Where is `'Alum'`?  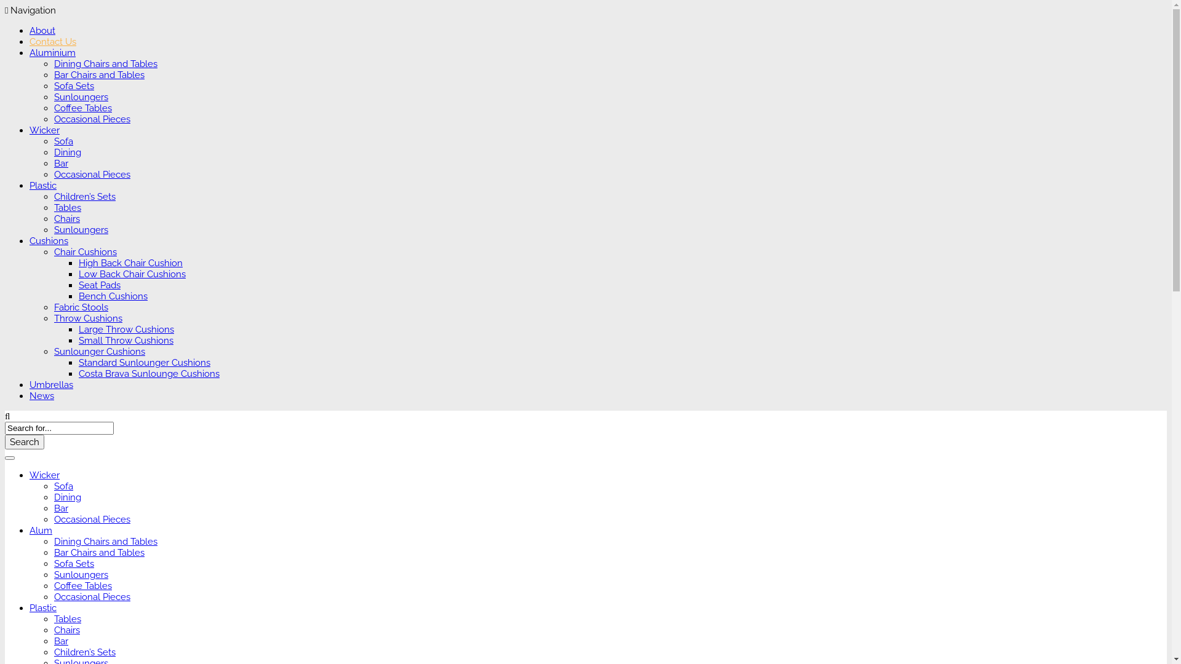
'Alum' is located at coordinates (41, 530).